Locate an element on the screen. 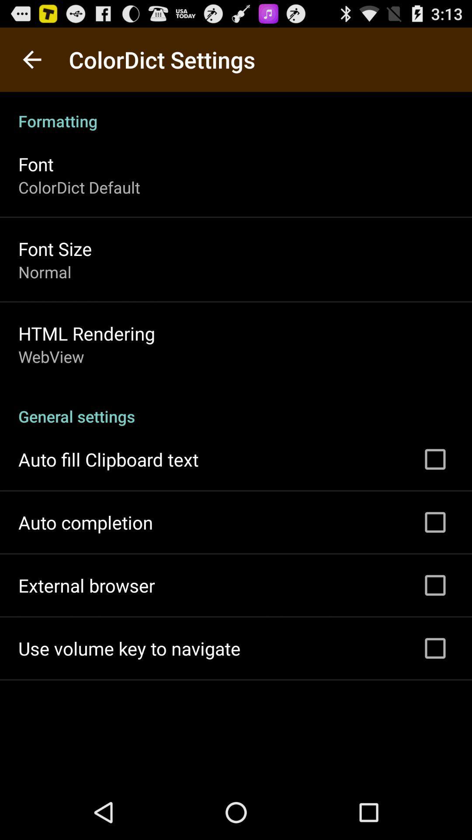 The height and width of the screenshot is (840, 472). general settings item is located at coordinates (236, 406).